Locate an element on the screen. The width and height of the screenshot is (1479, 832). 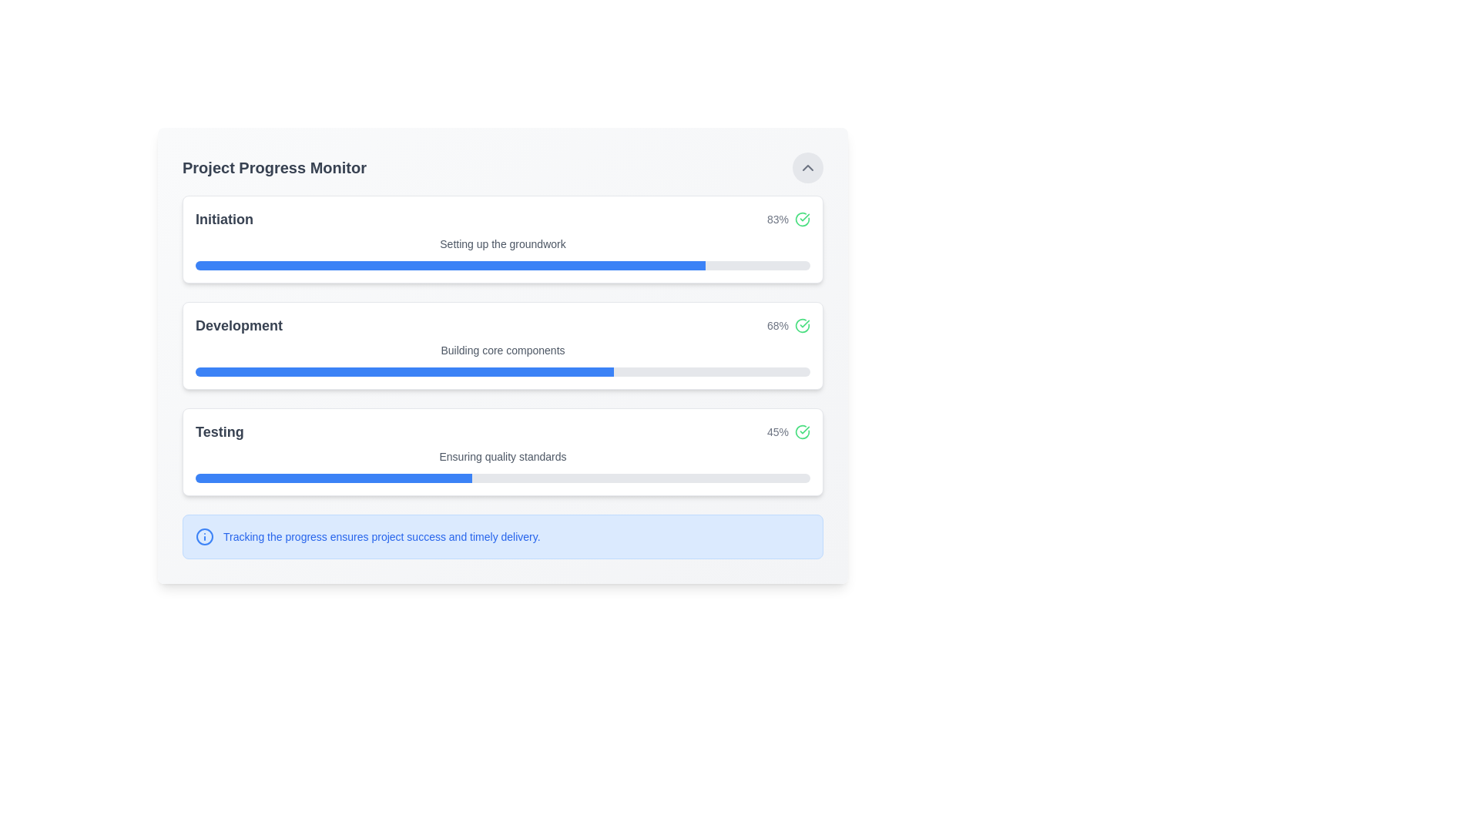
the progress percentage is located at coordinates (551, 371).